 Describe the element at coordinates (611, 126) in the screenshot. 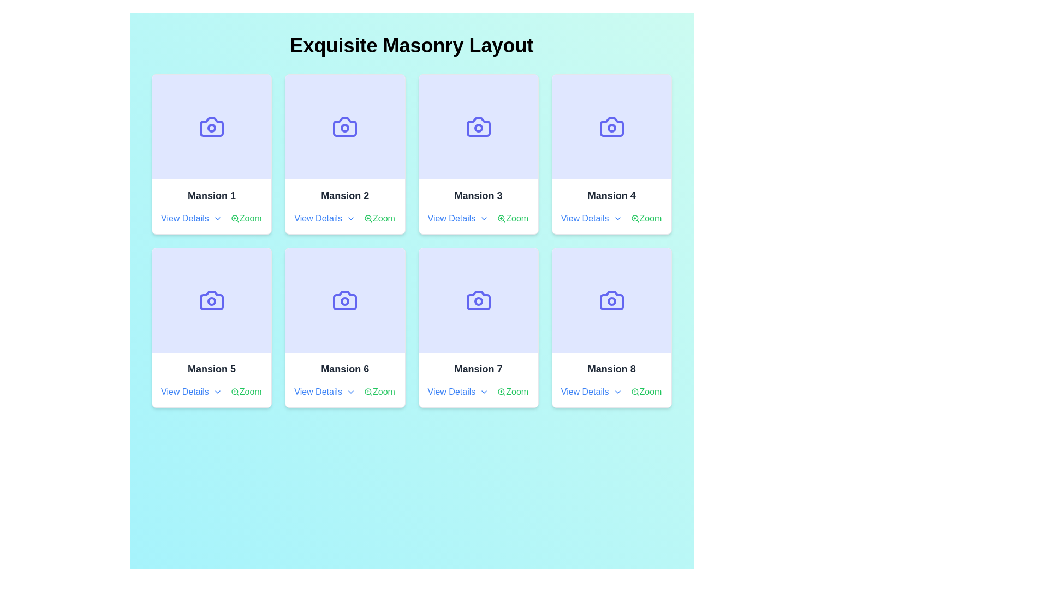

I see `the Image placeholder with an icon located in the fourth card of the top row labeled 'Mansion 4'` at that location.